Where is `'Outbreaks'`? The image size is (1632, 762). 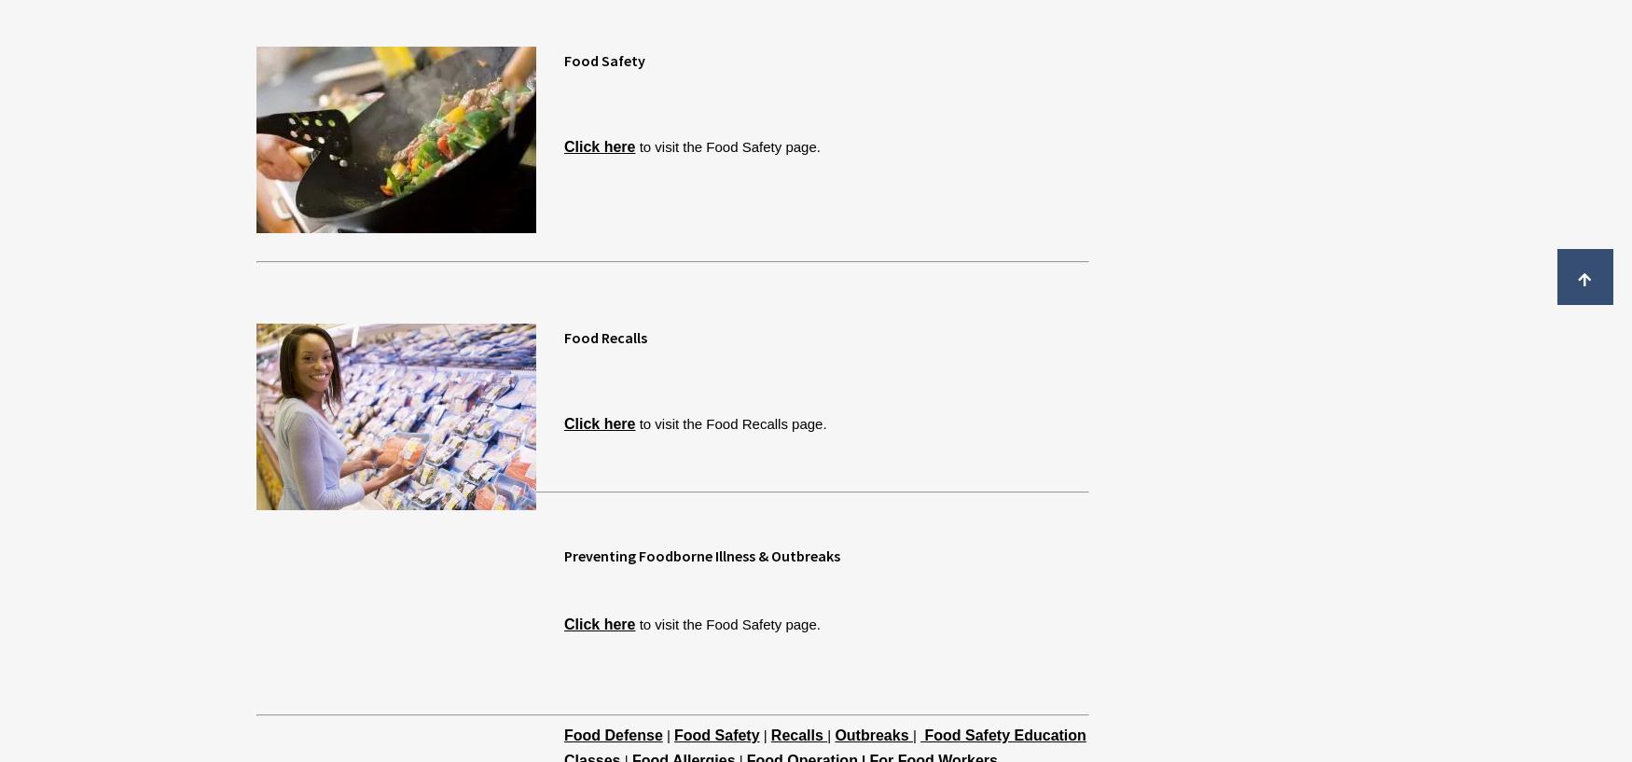 'Outbreaks' is located at coordinates (833, 735).